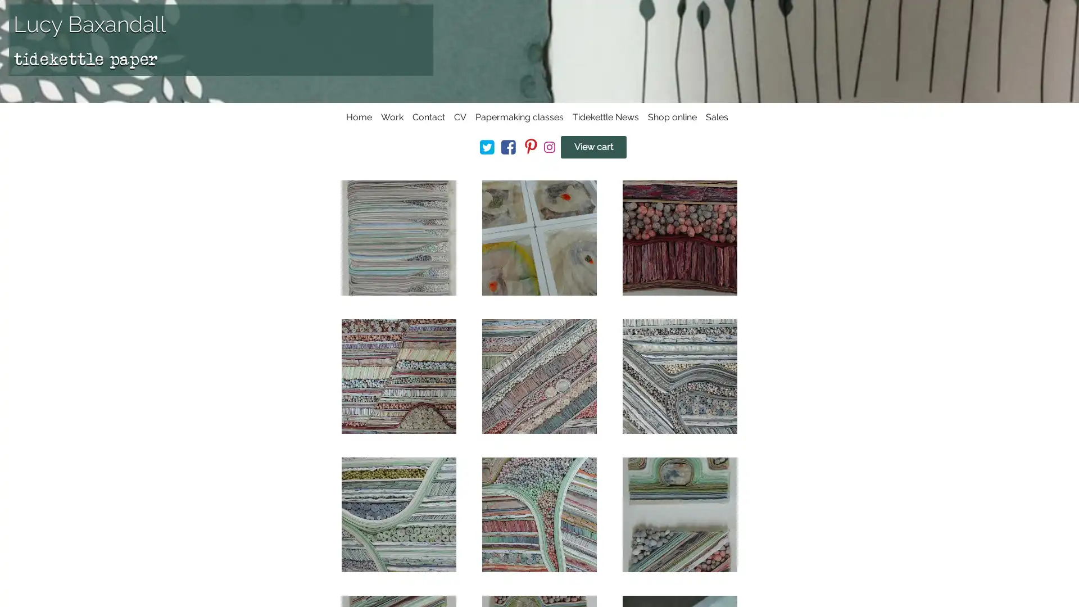 This screenshot has height=607, width=1079. I want to click on View cart, so click(592, 147).